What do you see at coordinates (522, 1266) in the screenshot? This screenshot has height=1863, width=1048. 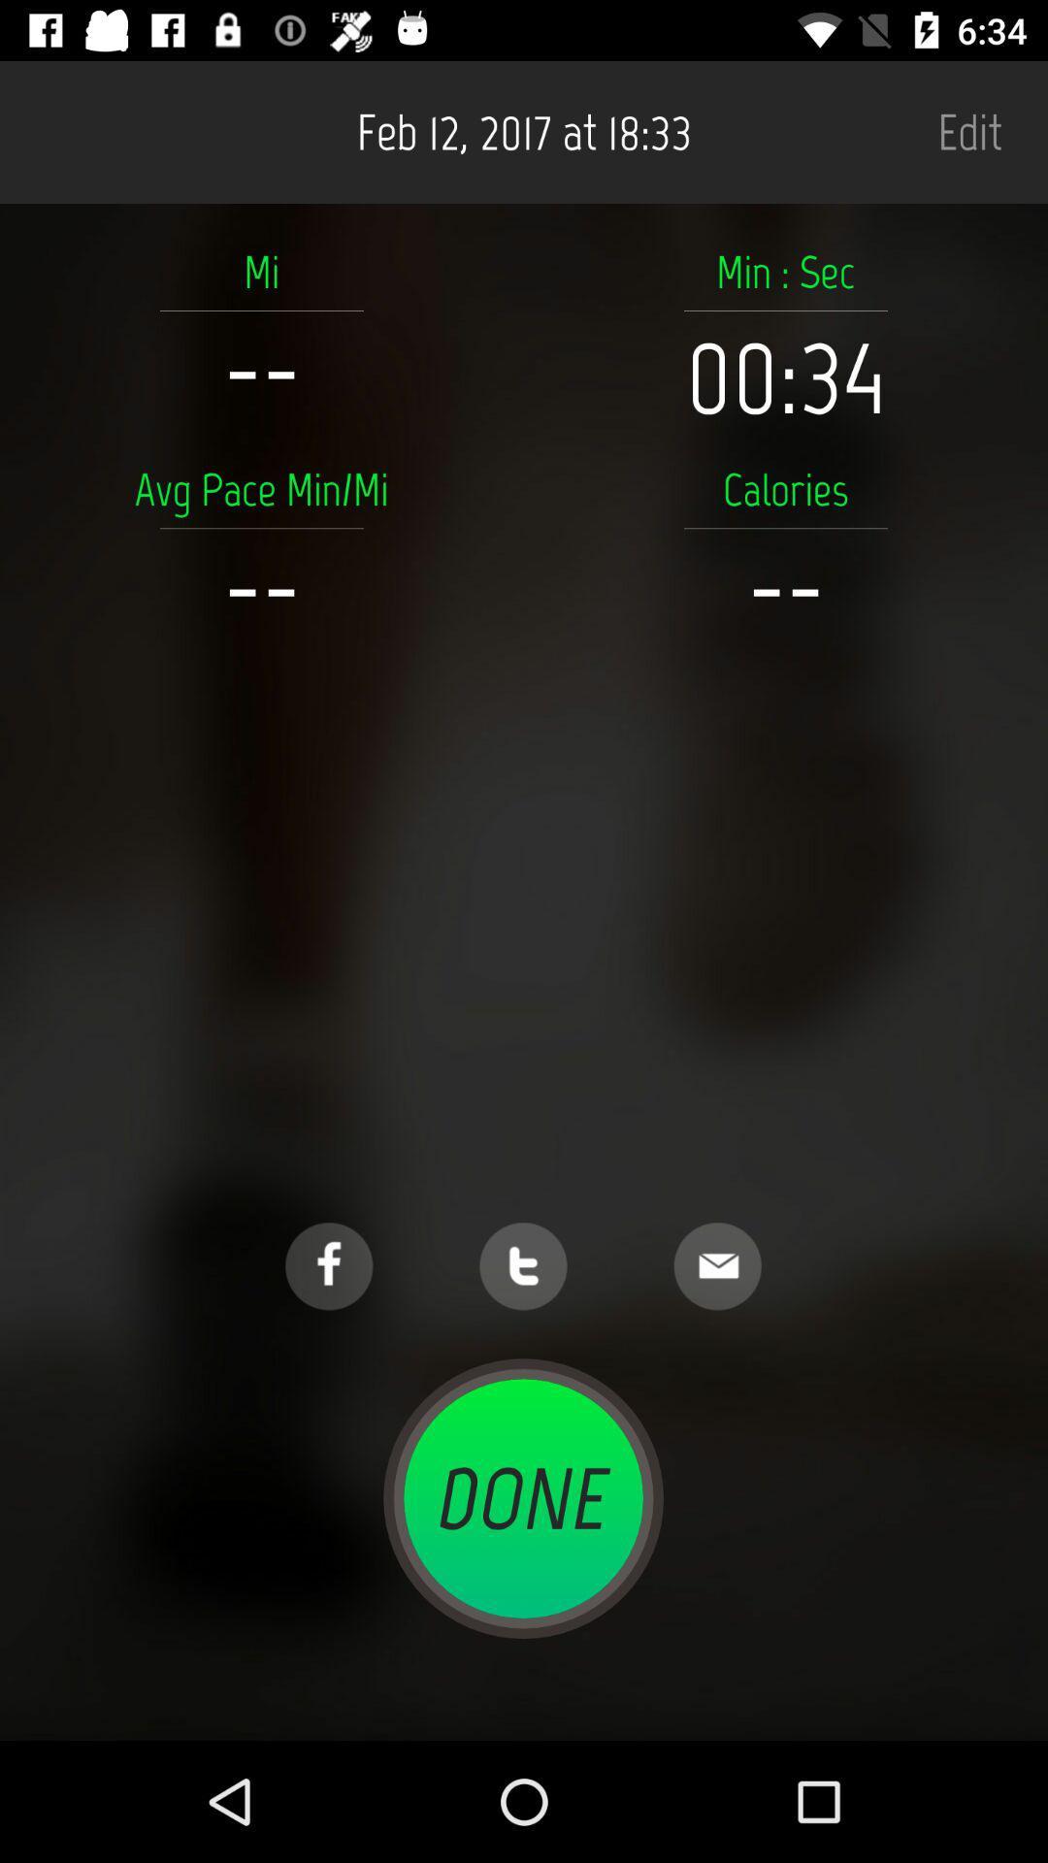 I see `twitter page` at bounding box center [522, 1266].